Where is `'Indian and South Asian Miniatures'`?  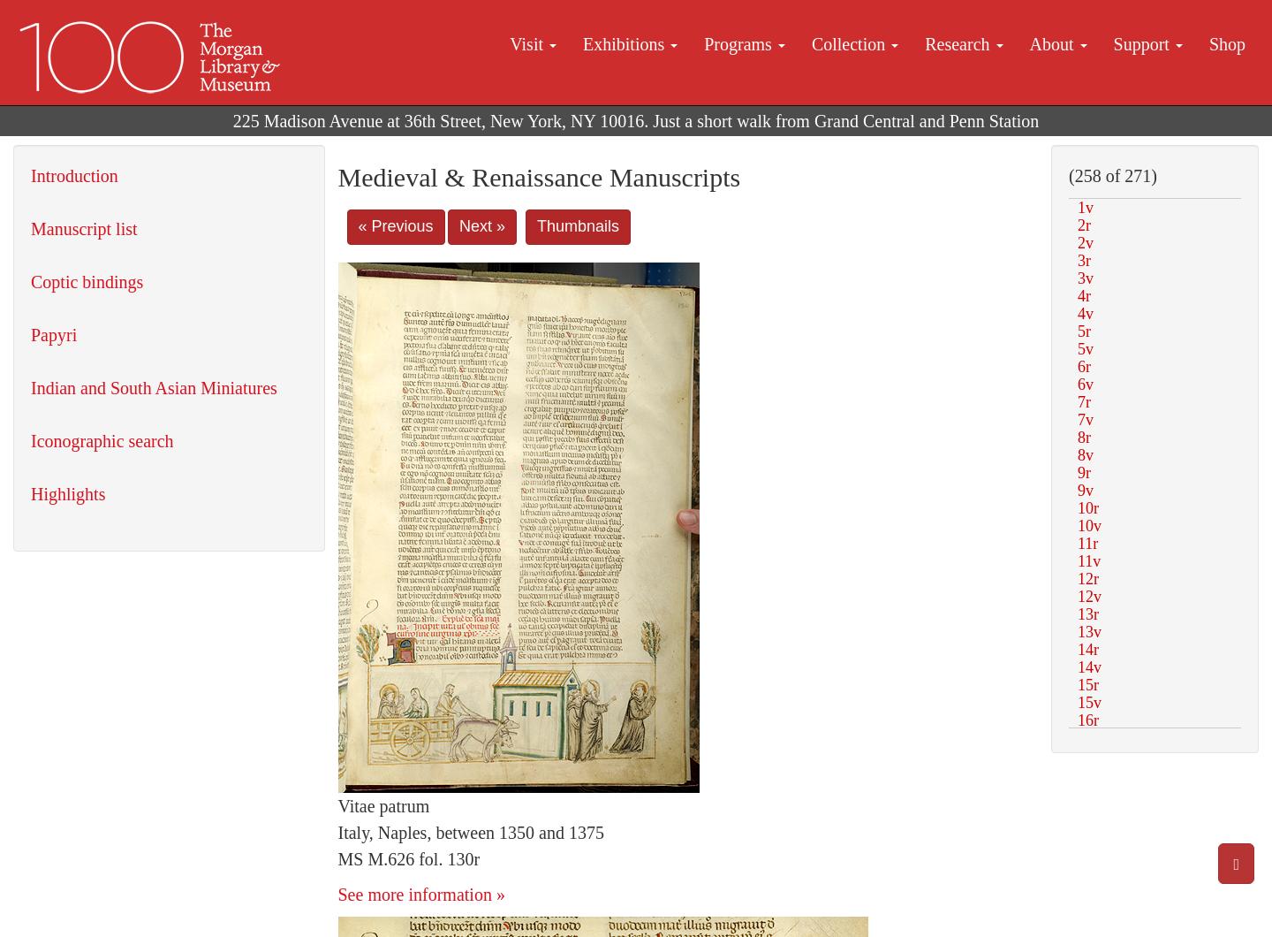
'Indian and South Asian Miniatures' is located at coordinates (152, 387).